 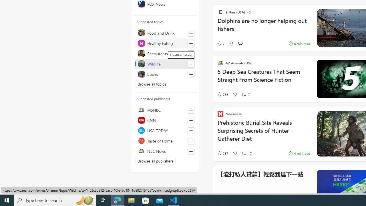 What do you see at coordinates (222, 94) in the screenshot?
I see `'786 Like'` at bounding box center [222, 94].